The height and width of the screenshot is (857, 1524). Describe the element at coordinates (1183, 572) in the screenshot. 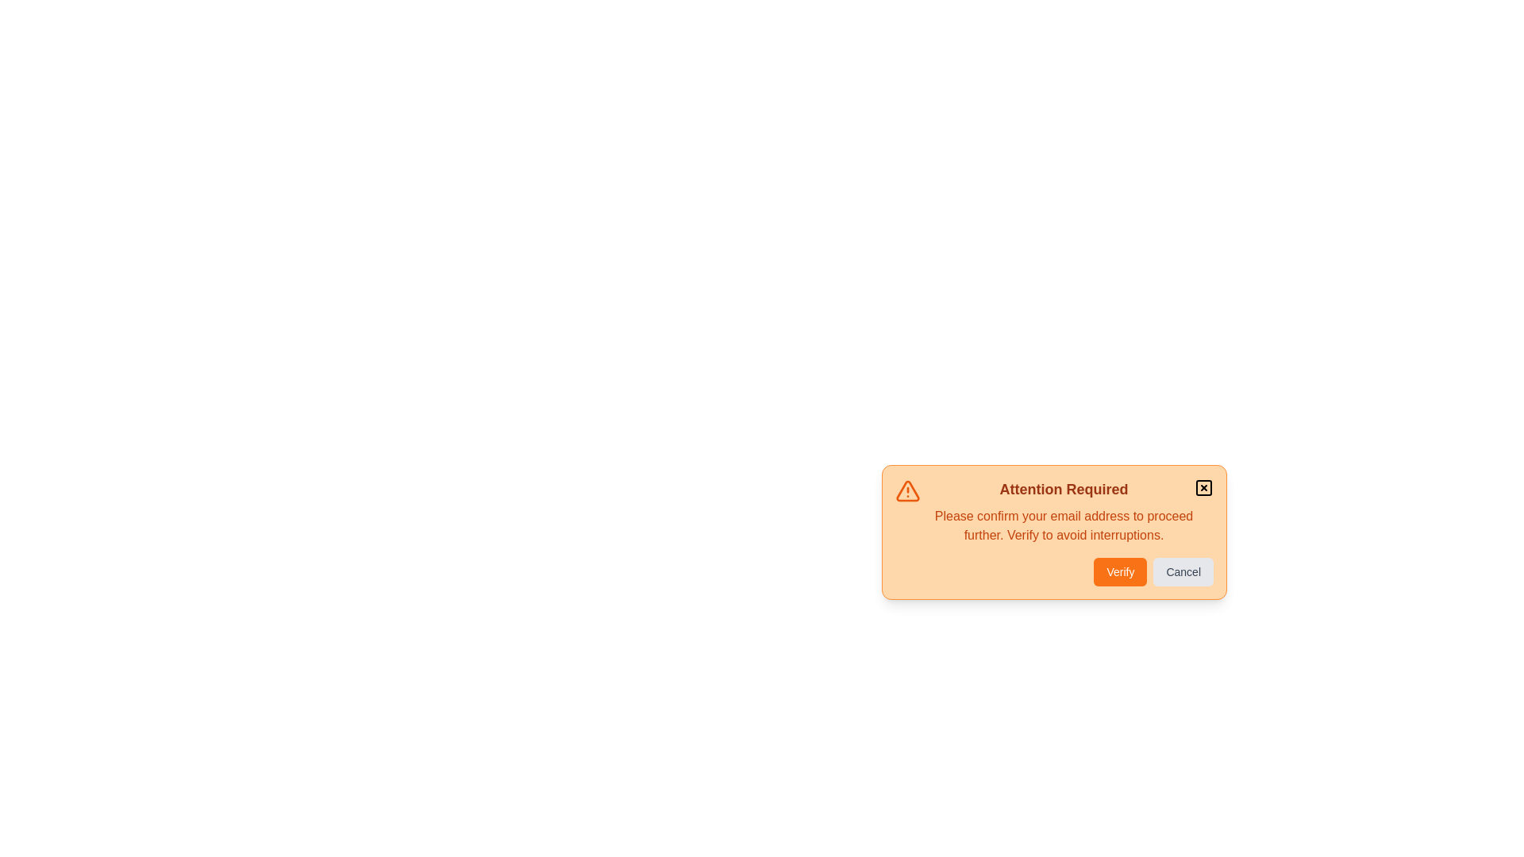

I see `the cancel button` at that location.